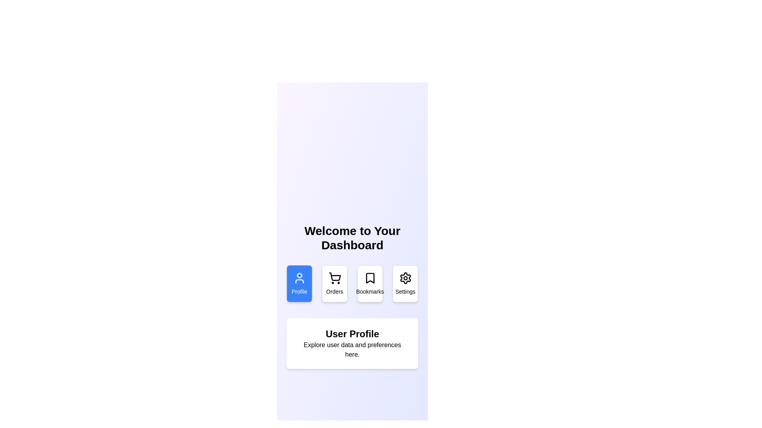 This screenshot has width=762, height=428. Describe the element at coordinates (352, 334) in the screenshot. I see `the Text Label that serves as a title or heading for the user profile section, which precedes the text 'Explore user data and preferences here.'` at that location.